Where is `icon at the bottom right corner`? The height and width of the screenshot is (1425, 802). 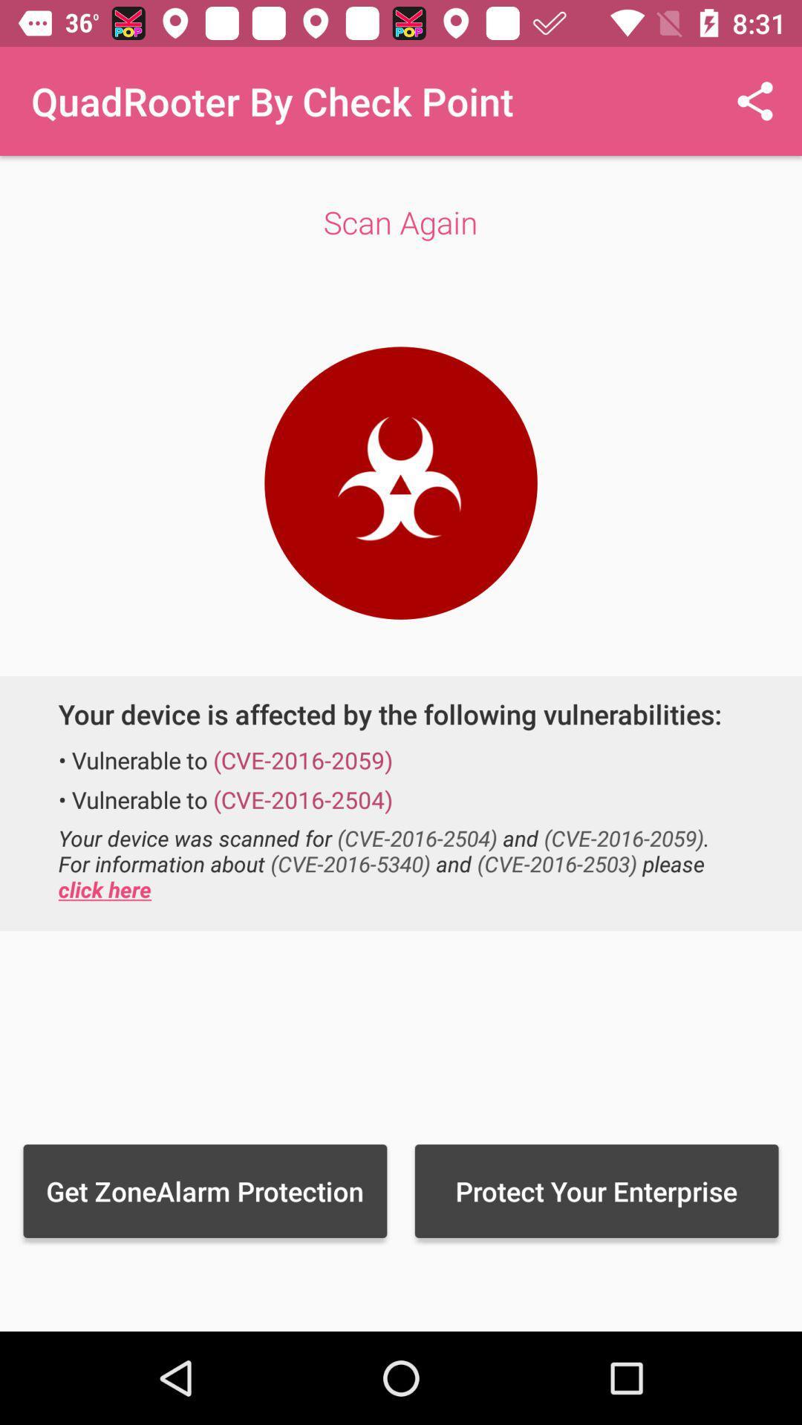
icon at the bottom right corner is located at coordinates (596, 1190).